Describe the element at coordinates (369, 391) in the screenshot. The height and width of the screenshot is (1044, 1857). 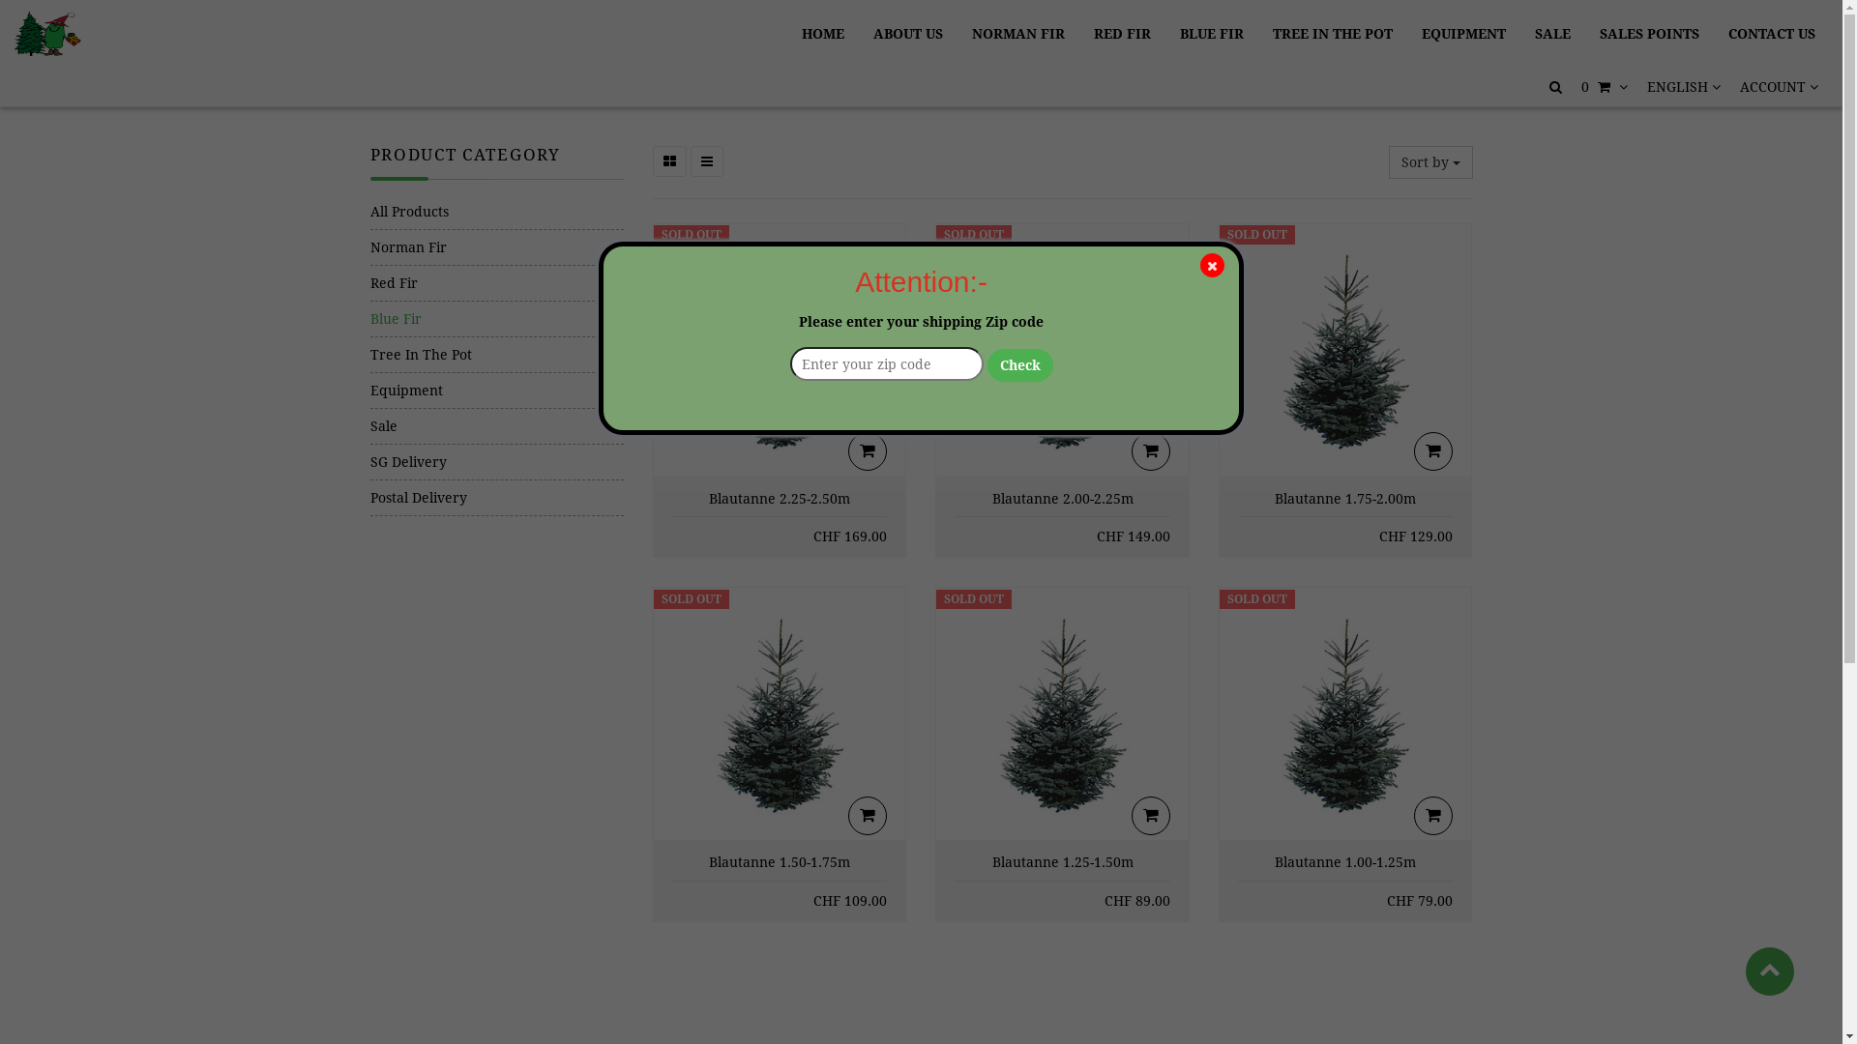
I see `'Equipment'` at that location.